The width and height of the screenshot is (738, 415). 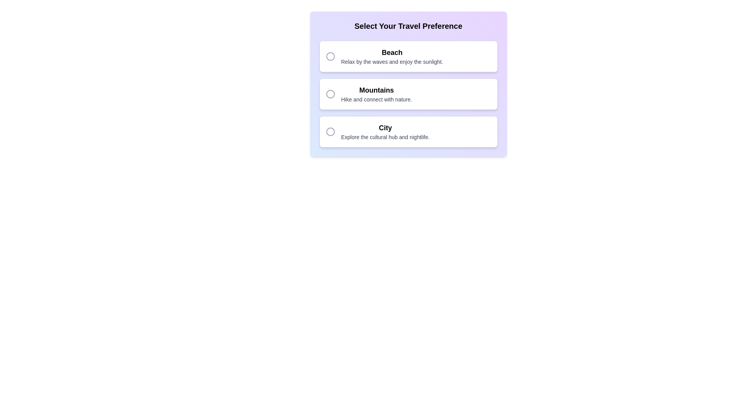 I want to click on the 'City' selectable radio button, so click(x=330, y=131).